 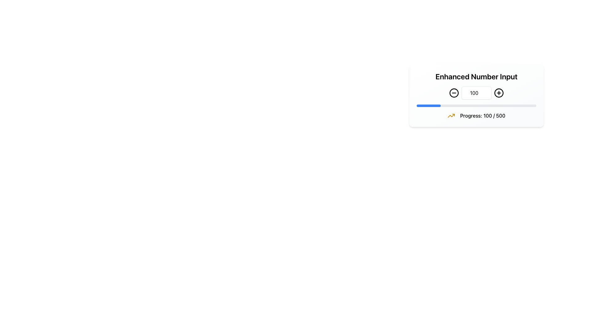 What do you see at coordinates (476, 79) in the screenshot?
I see `the title text element that serves as a label for the number input functionality, located at the top of the rectangular card component` at bounding box center [476, 79].